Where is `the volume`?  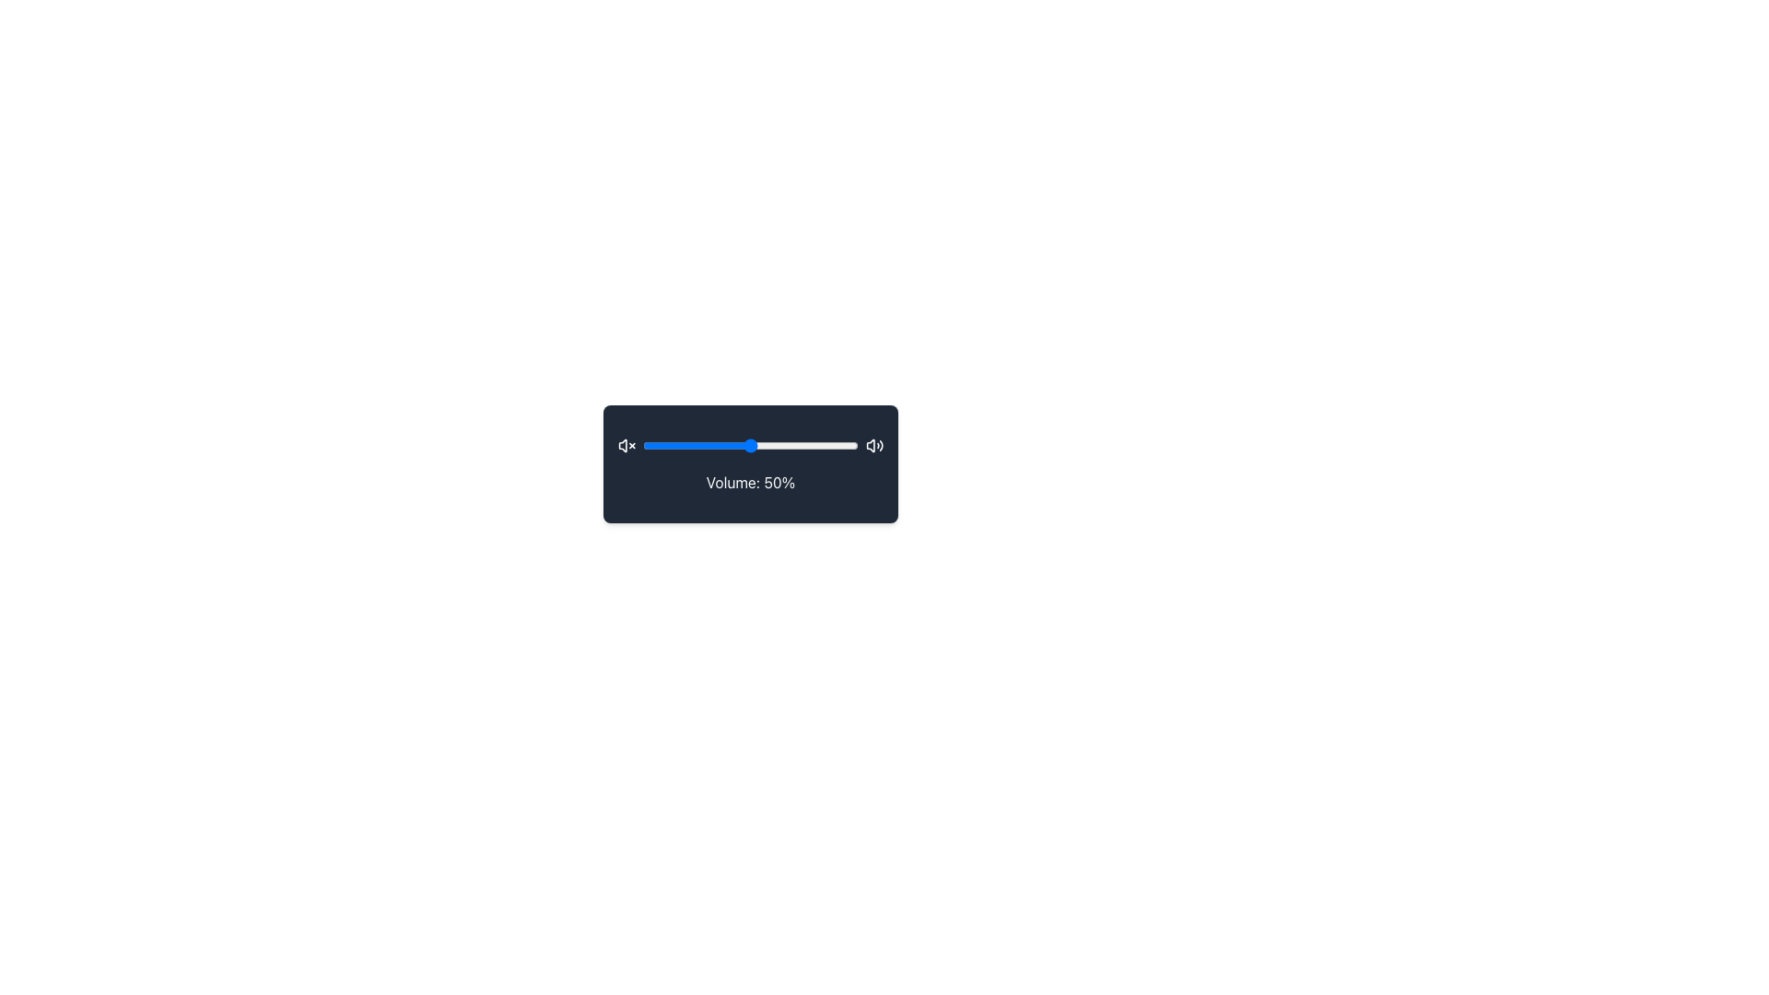
the volume is located at coordinates (839, 445).